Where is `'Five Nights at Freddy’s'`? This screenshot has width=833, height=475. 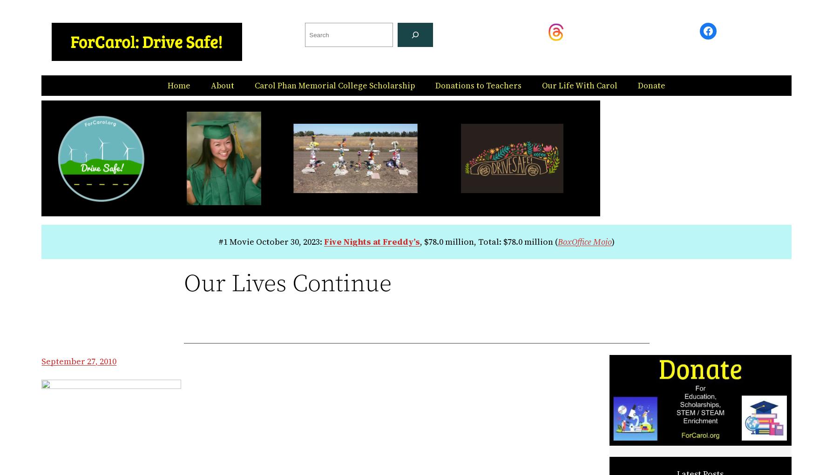 'Five Nights at Freddy’s' is located at coordinates (372, 241).